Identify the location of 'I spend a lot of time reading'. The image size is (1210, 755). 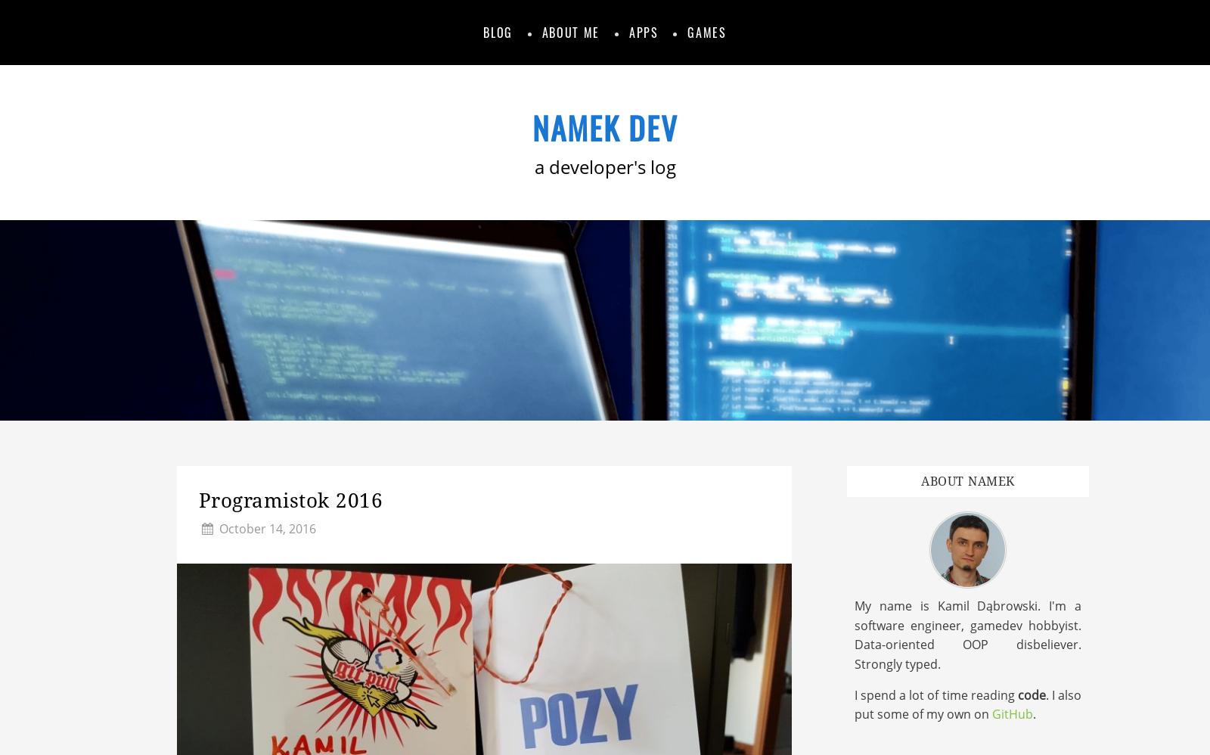
(935, 694).